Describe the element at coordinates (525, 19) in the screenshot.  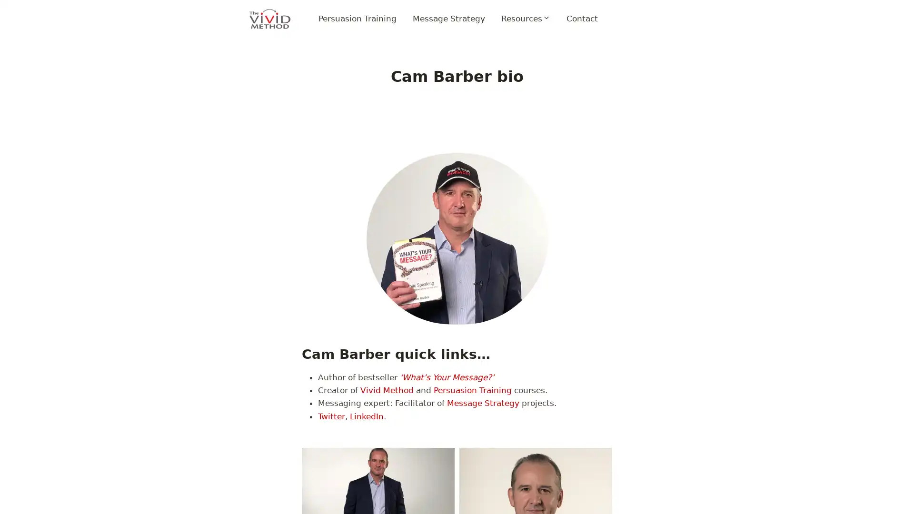
I see `Expand child menu` at that location.